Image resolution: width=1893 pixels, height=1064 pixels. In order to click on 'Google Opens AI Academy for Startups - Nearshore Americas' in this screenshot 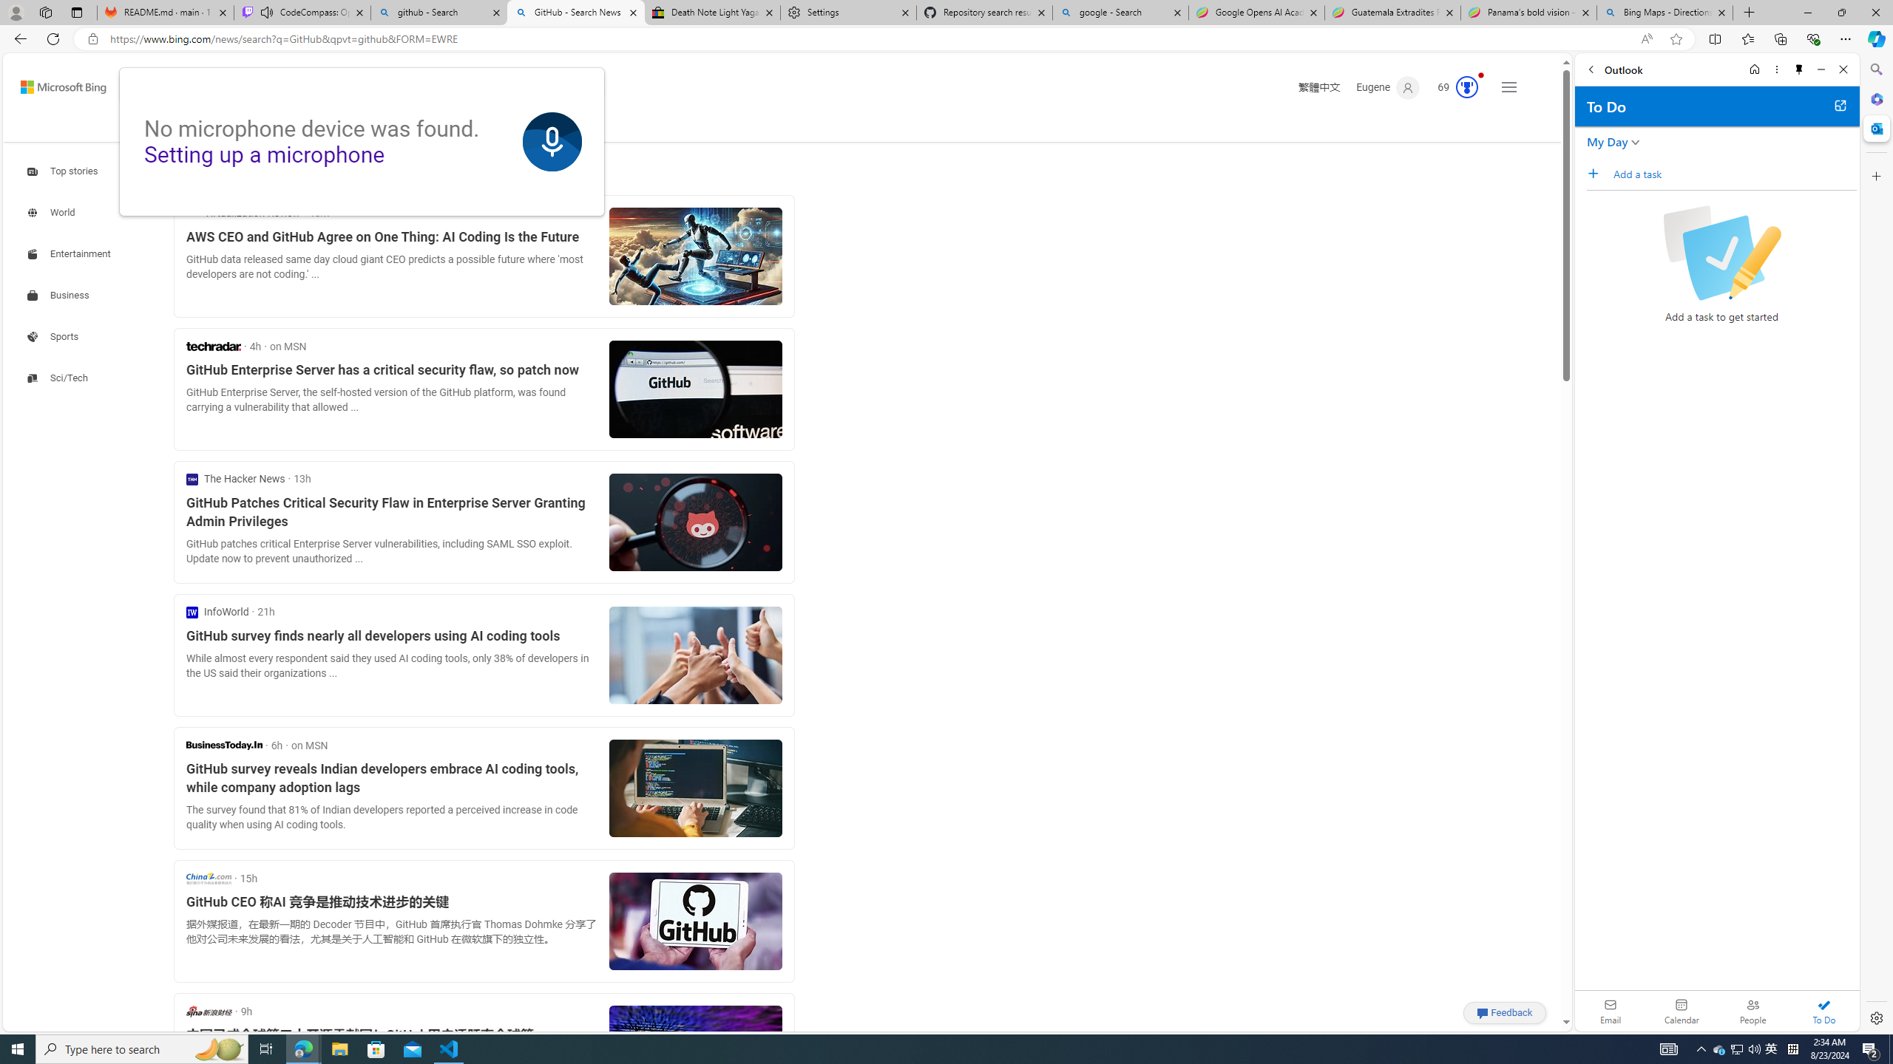, I will do `click(1256, 12)`.